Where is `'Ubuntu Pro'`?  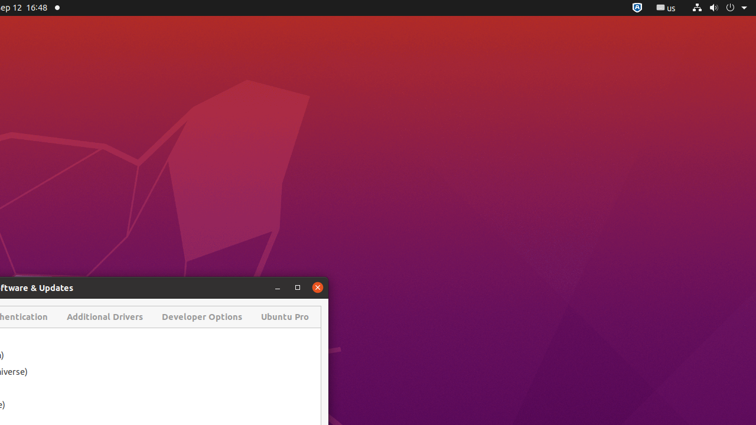
'Ubuntu Pro' is located at coordinates (285, 316).